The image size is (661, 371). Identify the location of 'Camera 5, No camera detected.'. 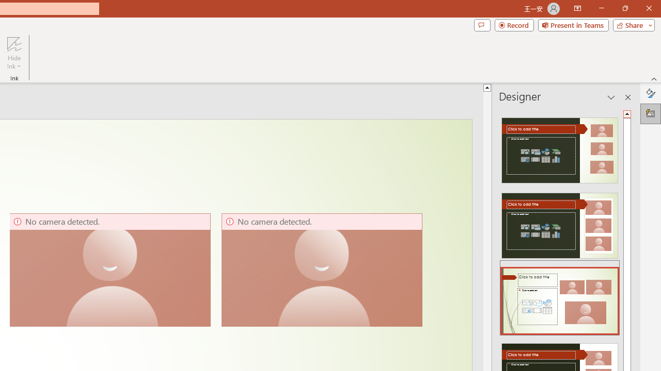
(110, 269).